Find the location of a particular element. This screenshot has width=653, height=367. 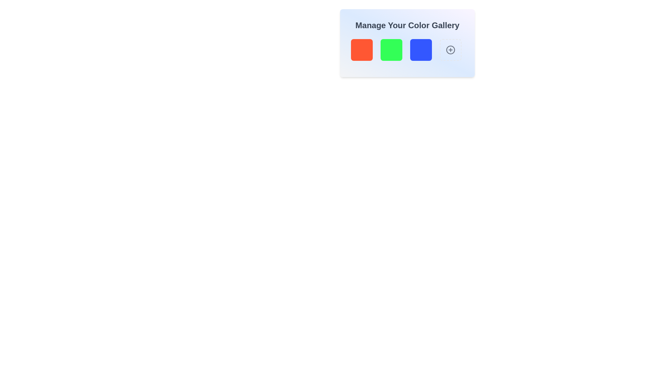

the circular graphical element of the 'plus' icon located within the 'Manage Your Color Gallery' section, positioned on the right side of the row of colored square icons is located at coordinates (450, 49).